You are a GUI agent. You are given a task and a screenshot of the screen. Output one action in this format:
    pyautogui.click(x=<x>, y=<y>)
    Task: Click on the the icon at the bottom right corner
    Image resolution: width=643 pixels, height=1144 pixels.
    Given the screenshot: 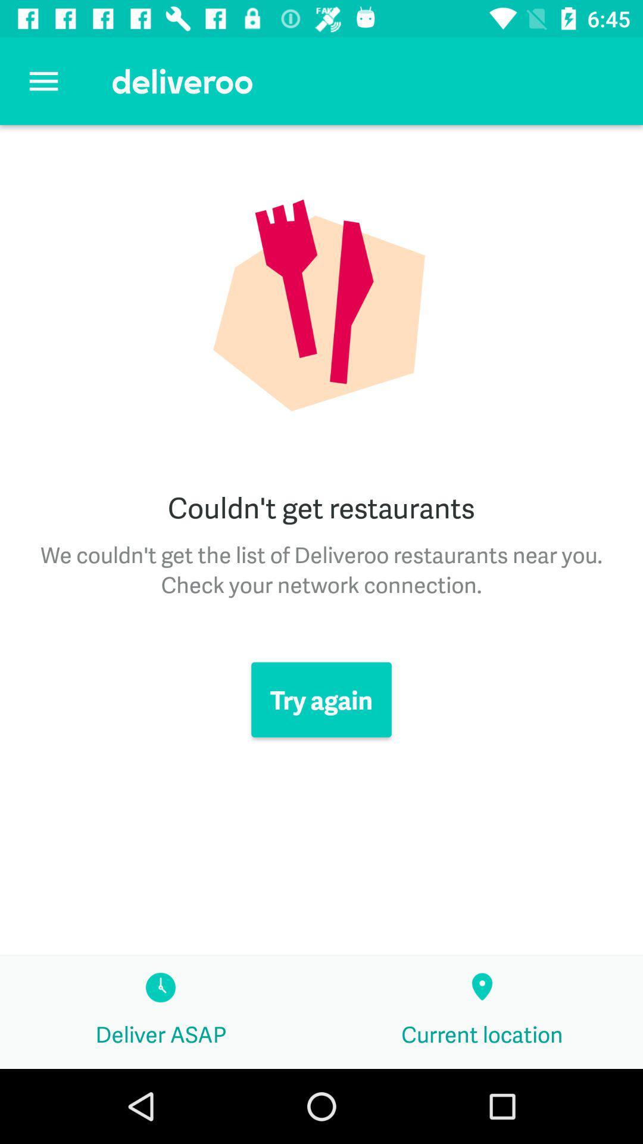 What is the action you would take?
    pyautogui.click(x=482, y=1012)
    